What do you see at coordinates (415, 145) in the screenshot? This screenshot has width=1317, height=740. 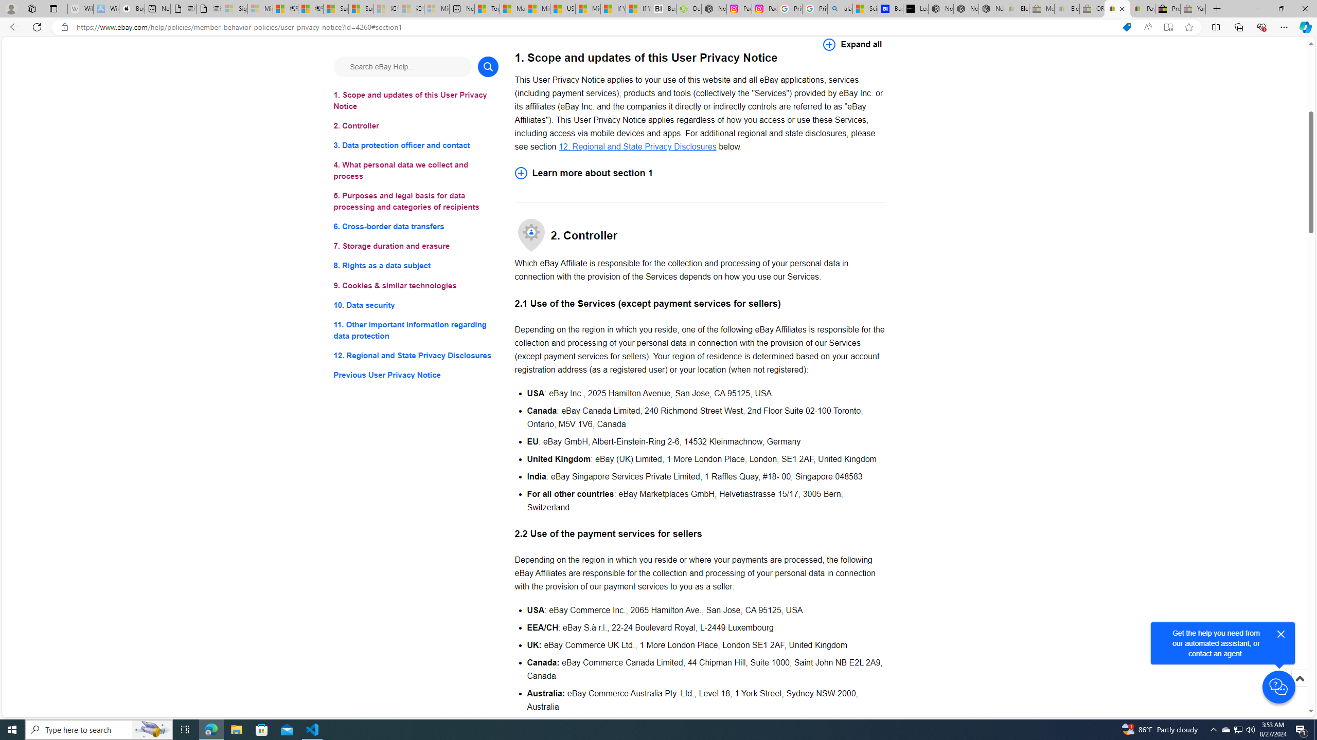 I see `'3. Data protection officer and contact'` at bounding box center [415, 145].